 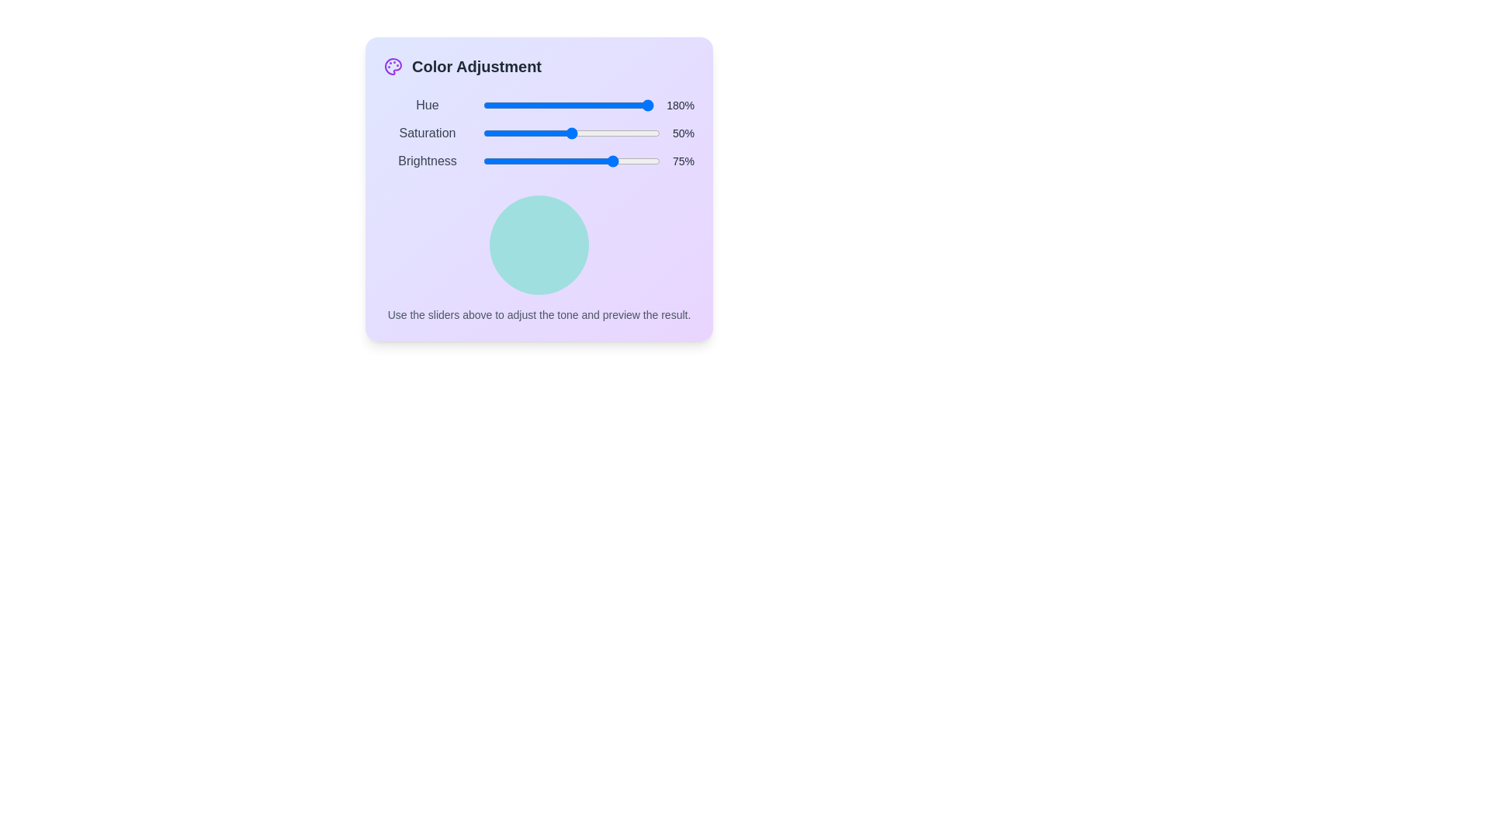 I want to click on the 'Saturation' slider to 65% by dragging the slider, so click(x=597, y=133).